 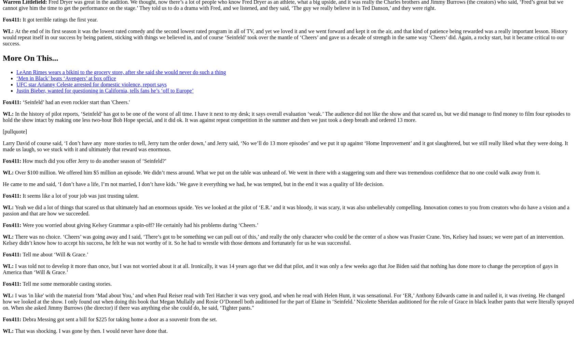 What do you see at coordinates (286, 210) in the screenshot?
I see `'Yeah we did a lot of things that scared us that ultimately had an enormous upside. Yes we looked at the pilot of ‘E.R.’ and it was bloody, it was scary, it was also unbelievably compelling. Innovation comes to you from creators who do have a vision and a passion and that are how we succeeded.'` at bounding box center [286, 210].